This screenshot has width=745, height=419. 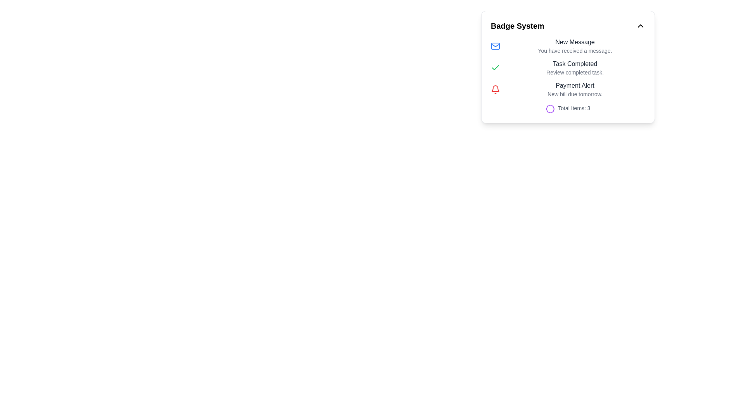 I want to click on the completion icon located to the left of the 'Task Completed' notification in the second entry of the notification list to acknowledge its positive status, so click(x=495, y=67).